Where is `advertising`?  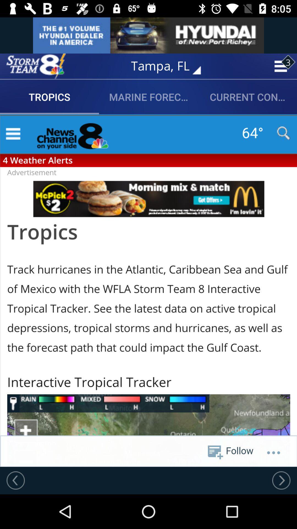 advertising is located at coordinates (148, 35).